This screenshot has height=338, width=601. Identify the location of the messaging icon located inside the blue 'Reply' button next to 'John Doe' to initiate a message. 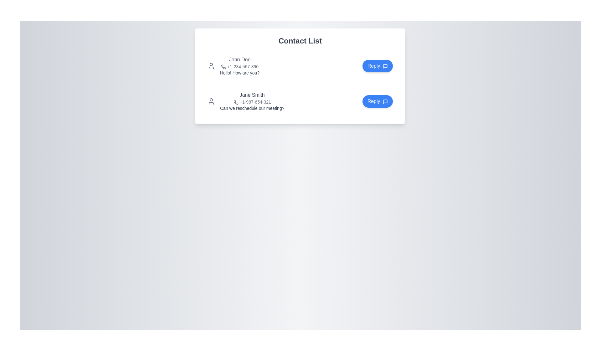
(385, 66).